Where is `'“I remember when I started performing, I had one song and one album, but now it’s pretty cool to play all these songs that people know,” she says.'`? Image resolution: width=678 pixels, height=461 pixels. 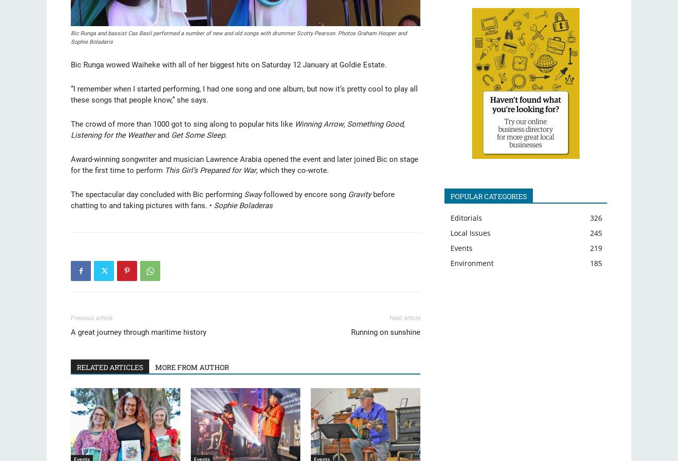
'“I remember when I started performing, I had one song and one album, but now it’s pretty cool to play all these songs that people know,” she says.' is located at coordinates (244, 94).